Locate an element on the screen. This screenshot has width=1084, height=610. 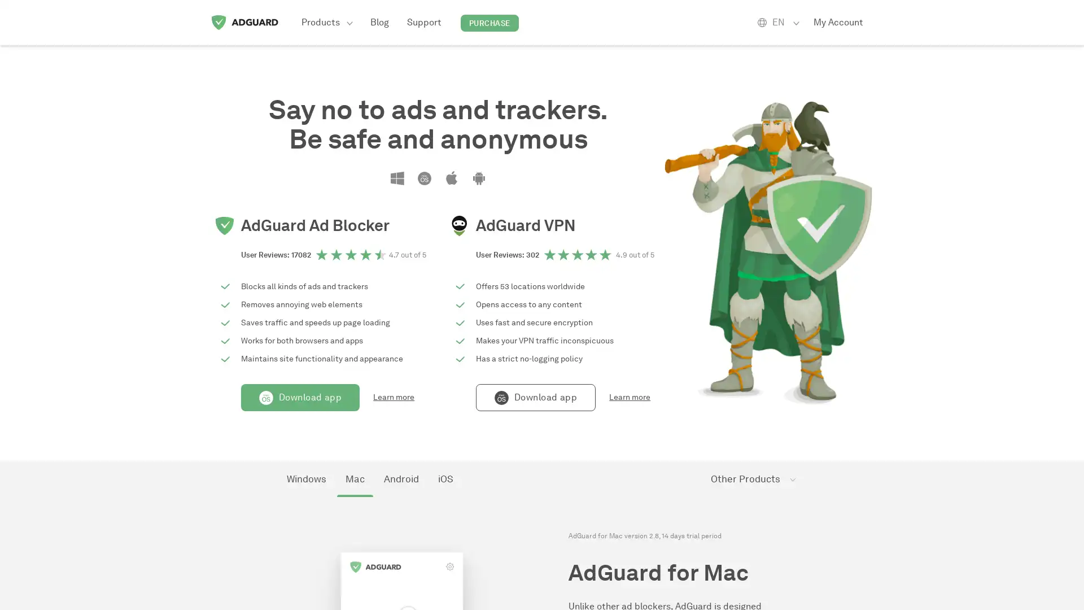
Mac is located at coordinates (354, 479).